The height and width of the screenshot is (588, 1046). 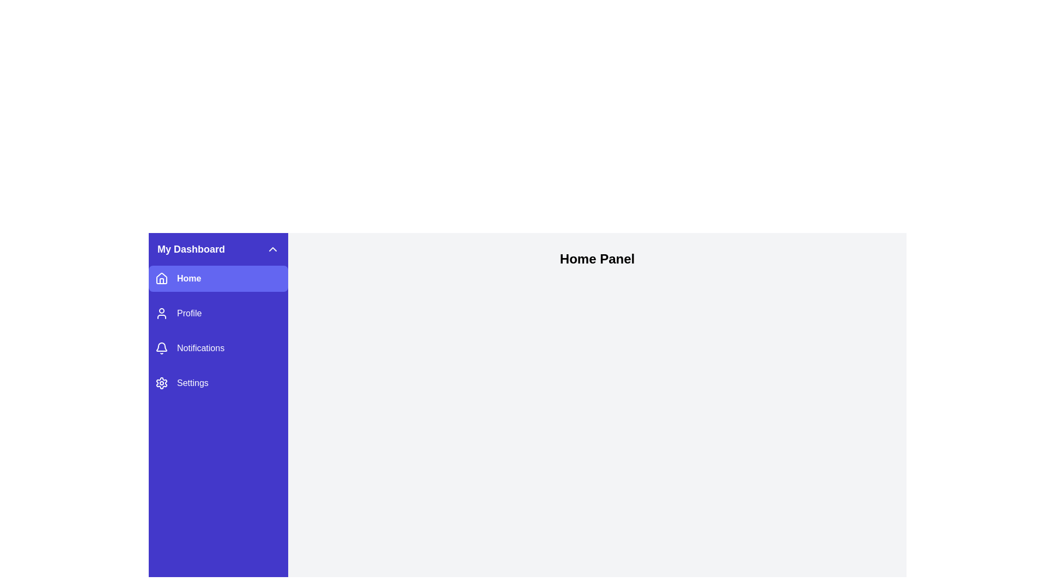 What do you see at coordinates (218, 348) in the screenshot?
I see `the 'Notifications' button with a bell icon located in the sidebar menu` at bounding box center [218, 348].